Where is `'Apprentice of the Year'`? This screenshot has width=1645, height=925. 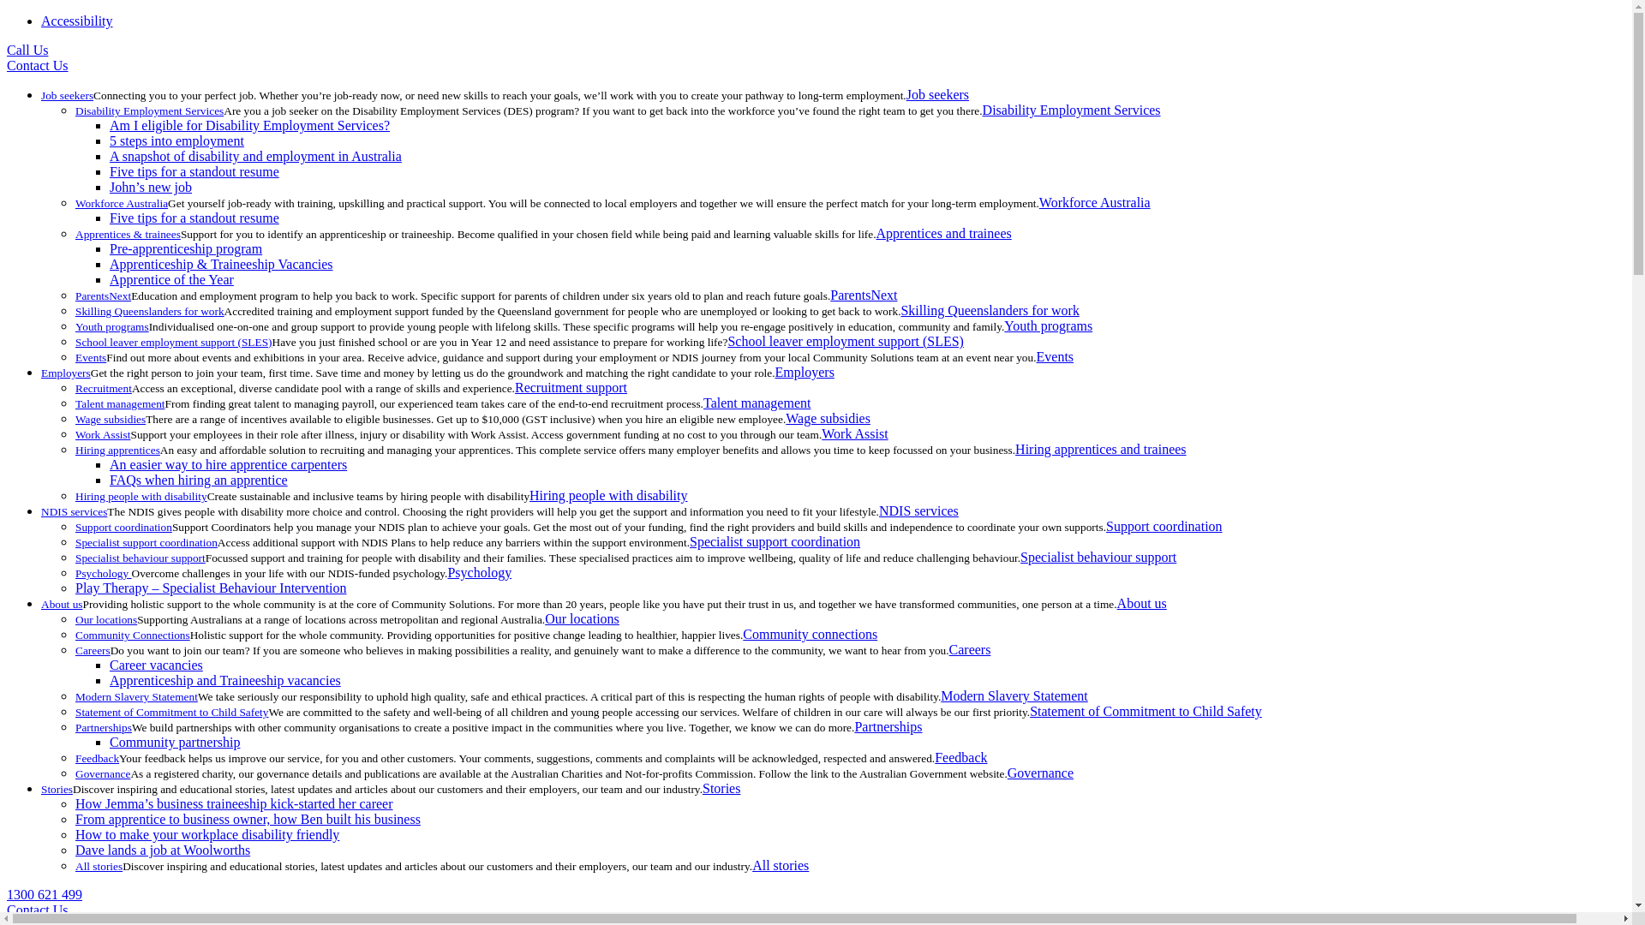 'Apprentice of the Year' is located at coordinates (171, 278).